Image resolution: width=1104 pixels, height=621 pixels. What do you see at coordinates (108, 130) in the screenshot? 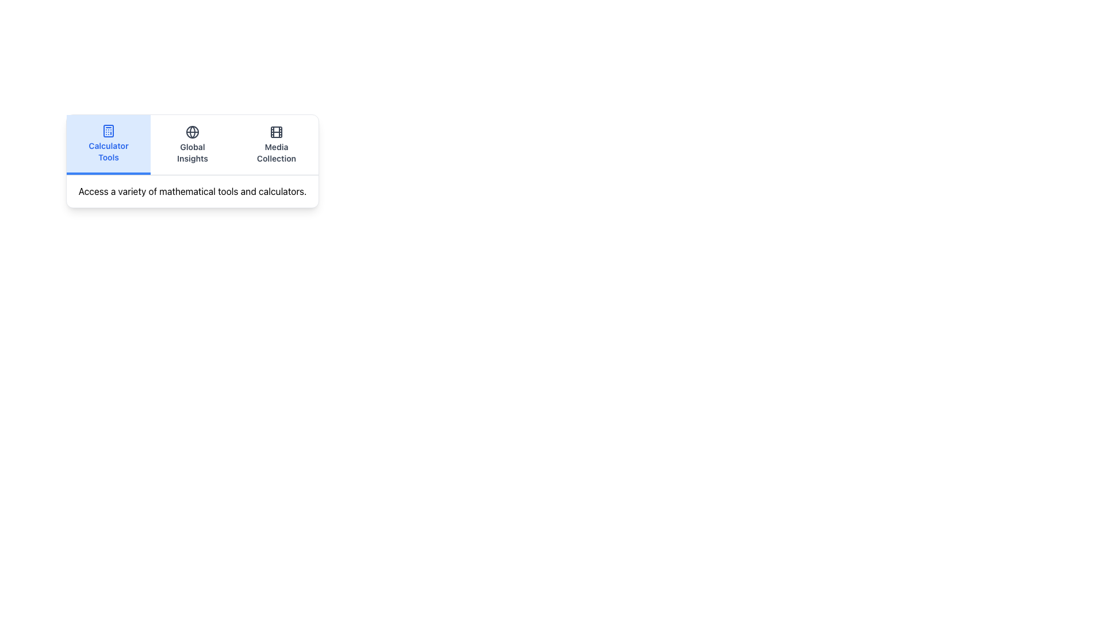
I see `the vertical rectangle icon with rounded corners, which is styled as a symbol and is part of the calculator icon adjacent to the 'Calculator Tools' tab` at bounding box center [108, 130].